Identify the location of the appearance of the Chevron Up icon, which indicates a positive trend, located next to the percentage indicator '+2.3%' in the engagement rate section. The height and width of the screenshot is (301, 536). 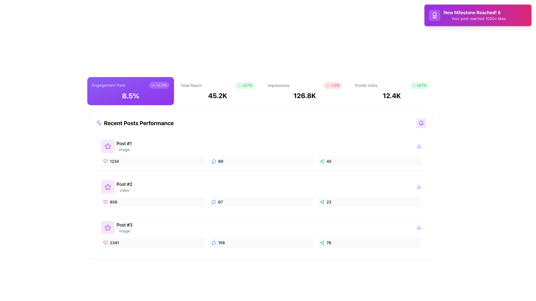
(153, 85).